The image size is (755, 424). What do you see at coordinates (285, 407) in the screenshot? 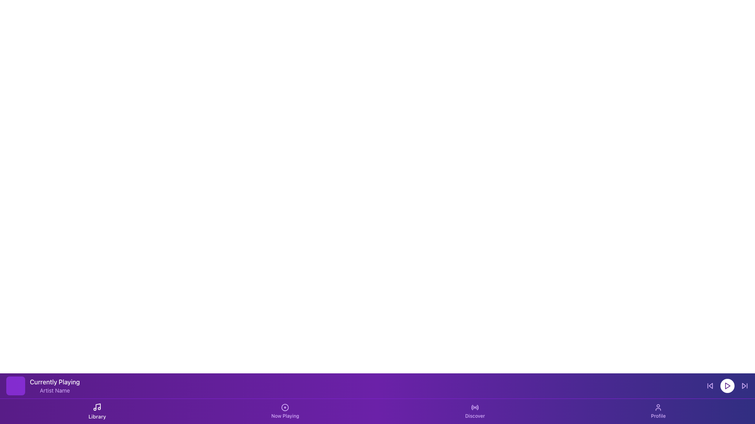
I see `the circular icon above the text 'Now Playing' in the navigation bar` at bounding box center [285, 407].